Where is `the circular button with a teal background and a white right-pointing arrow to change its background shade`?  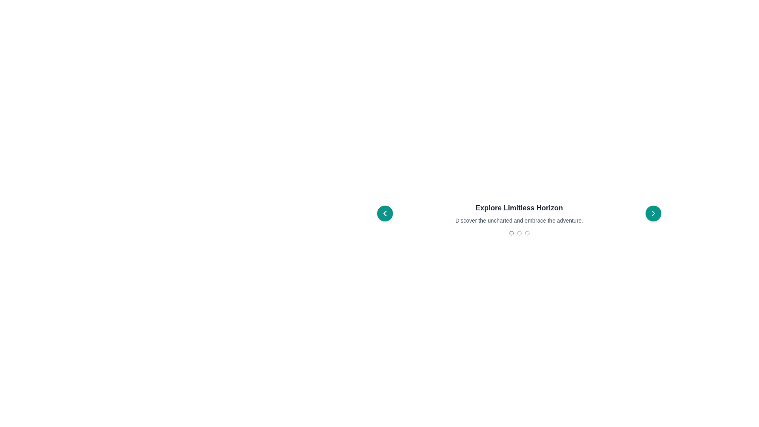
the circular button with a teal background and a white right-pointing arrow to change its background shade is located at coordinates (653, 213).